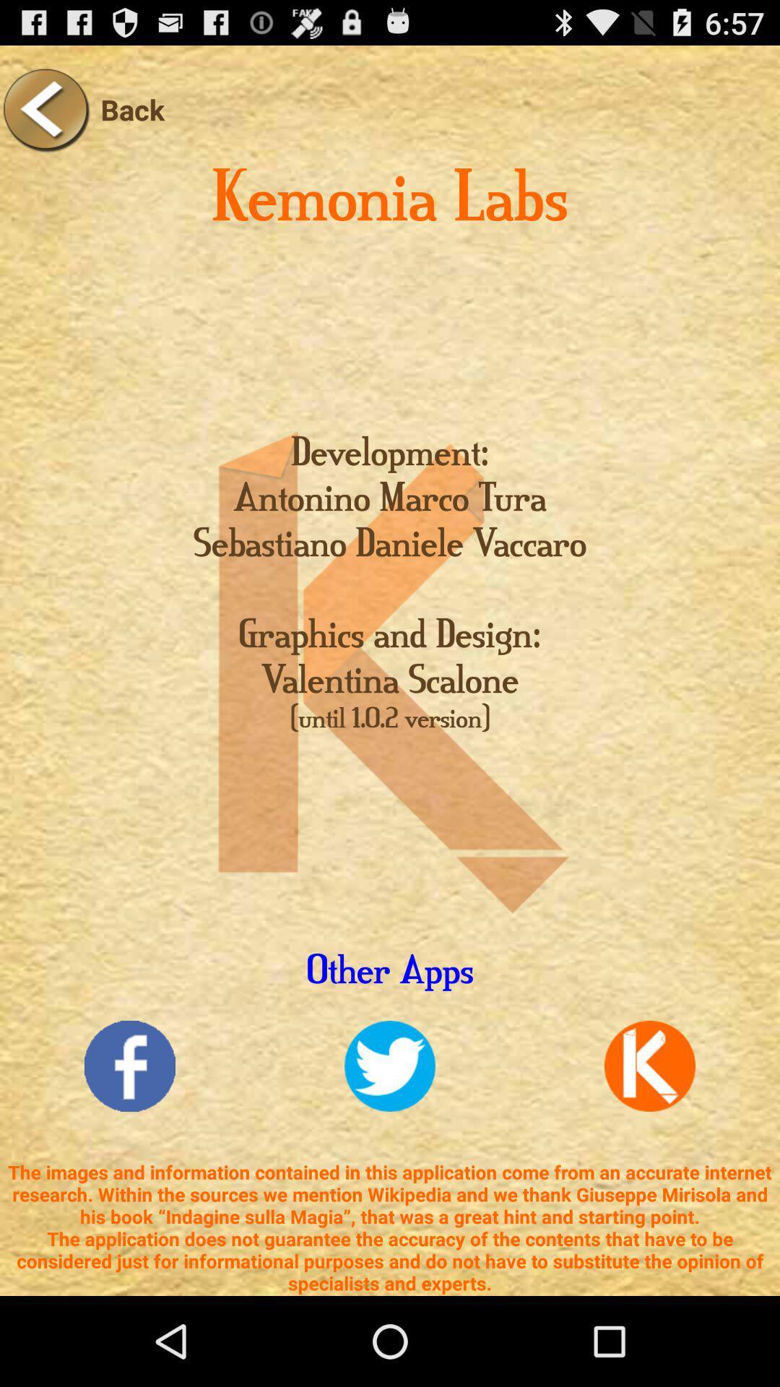 The image size is (780, 1387). What do you see at coordinates (130, 1066) in the screenshot?
I see `facebook` at bounding box center [130, 1066].